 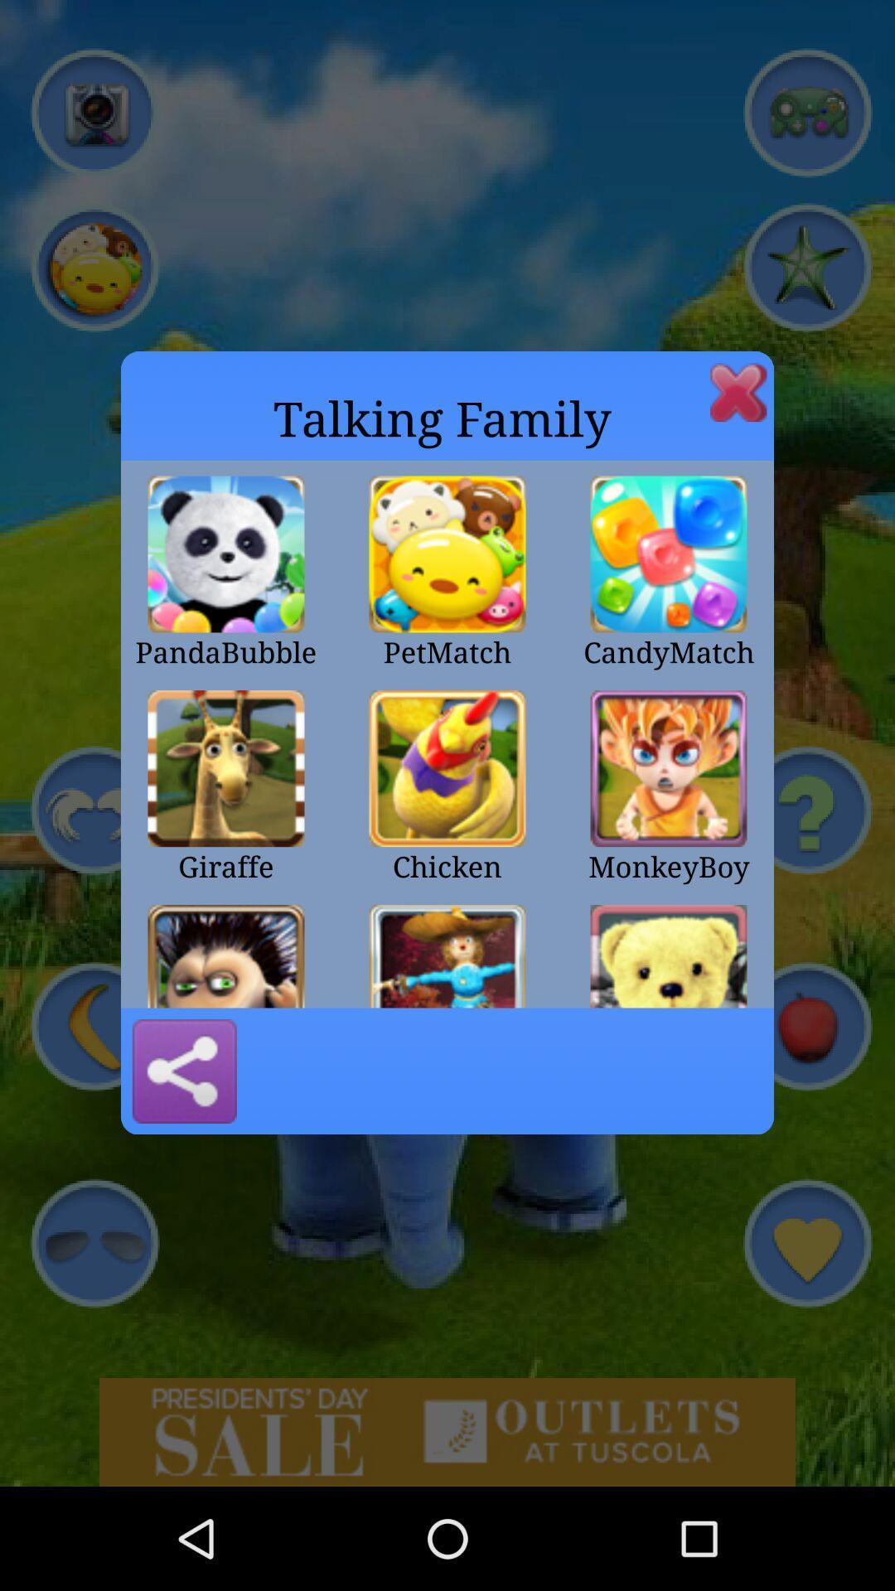 I want to click on share the game information, so click(x=184, y=1071).